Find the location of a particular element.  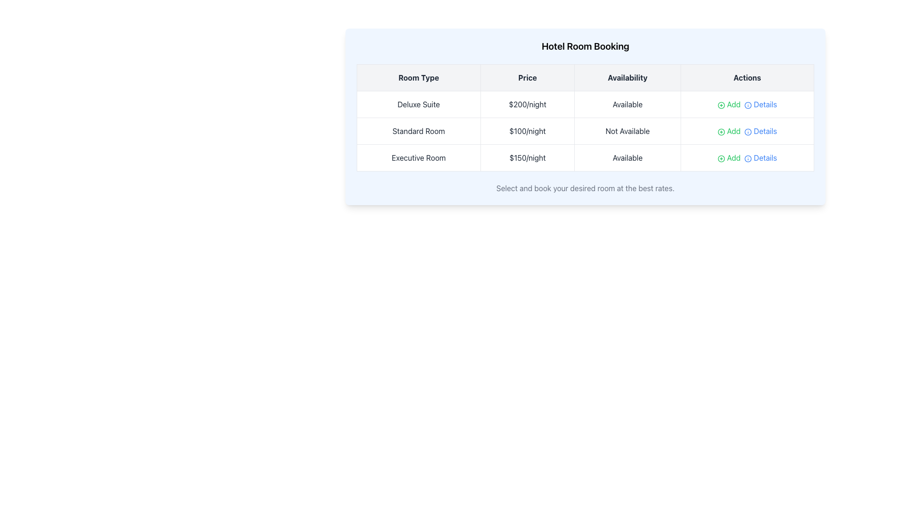

the text label that reads 'Standard Room', which is styled with center alignment and surrounded by a bordered box, located in the middle row of room type descriptions in a table-like structure is located at coordinates (418, 131).